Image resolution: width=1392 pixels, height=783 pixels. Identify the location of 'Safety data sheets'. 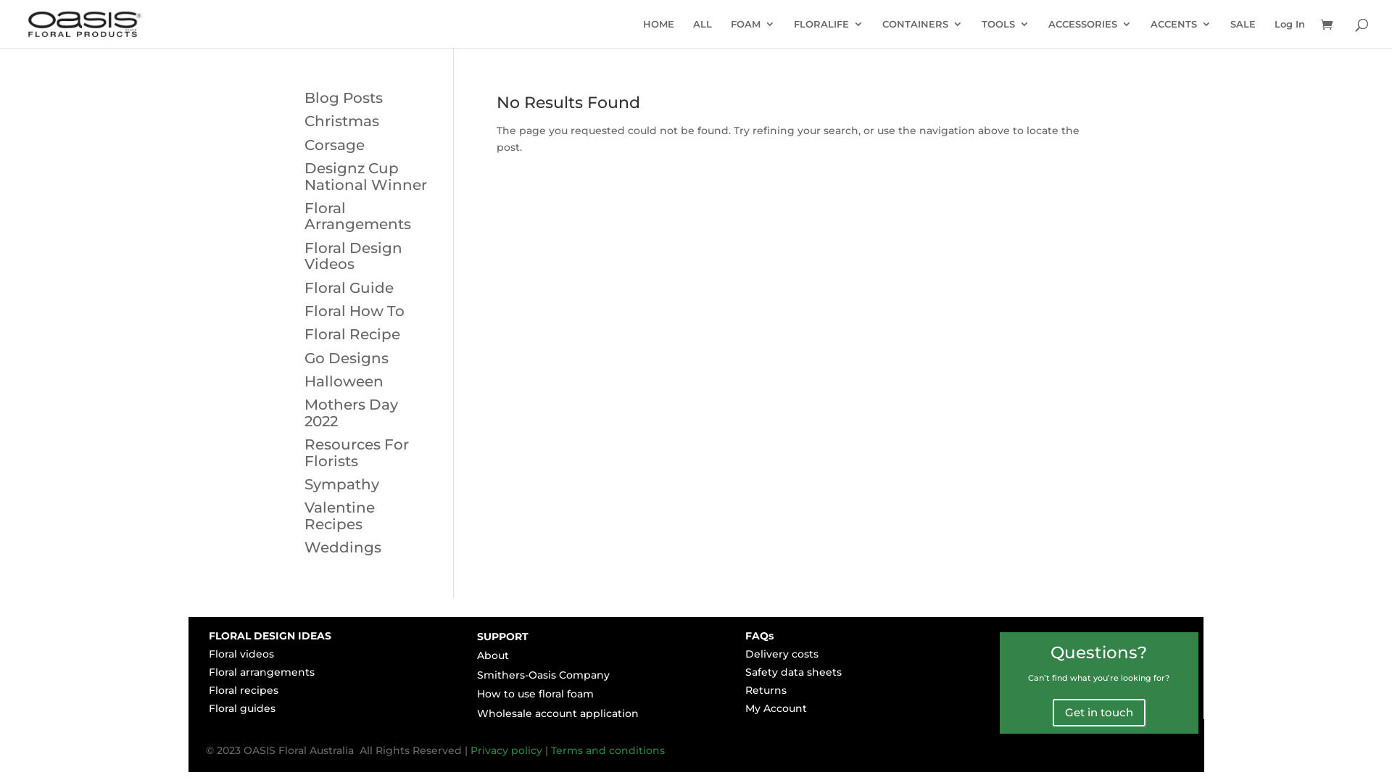
(745, 671).